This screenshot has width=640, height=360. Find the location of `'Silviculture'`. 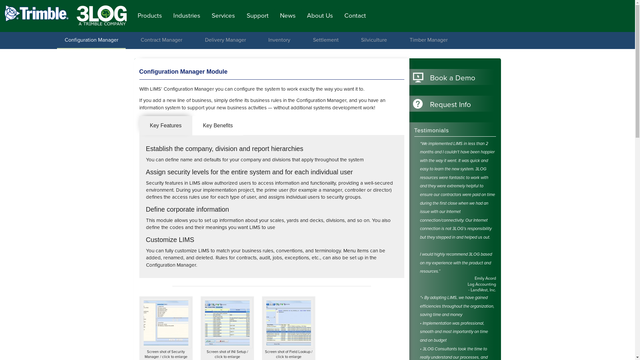

'Silviculture' is located at coordinates (374, 40).